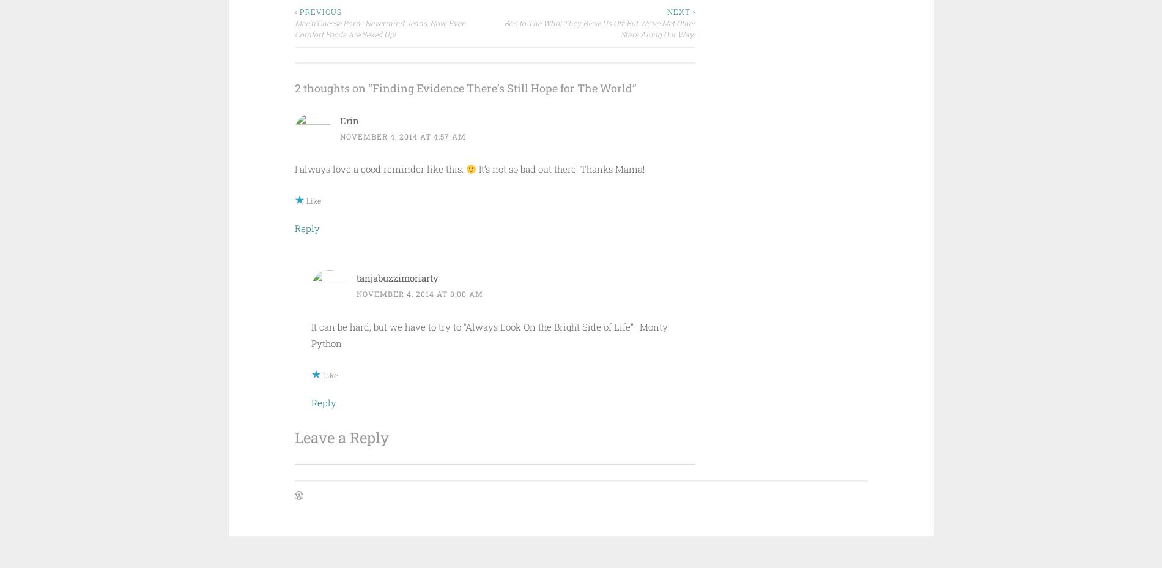 The width and height of the screenshot is (1162, 568). I want to click on 'Erin', so click(349, 119).